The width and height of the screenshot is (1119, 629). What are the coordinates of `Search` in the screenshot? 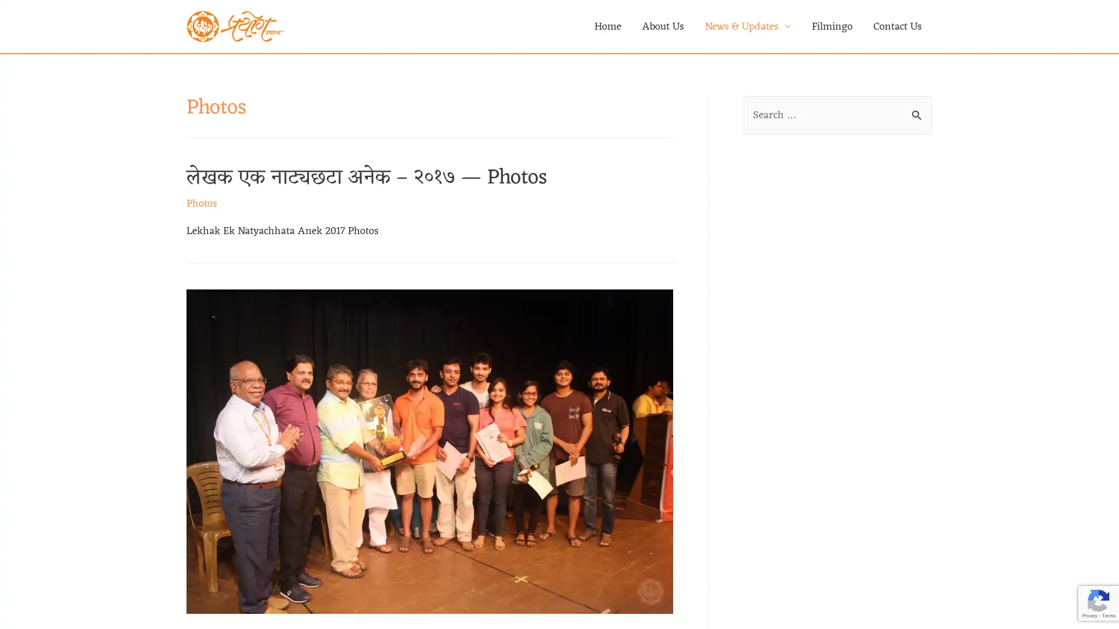 It's located at (918, 108).